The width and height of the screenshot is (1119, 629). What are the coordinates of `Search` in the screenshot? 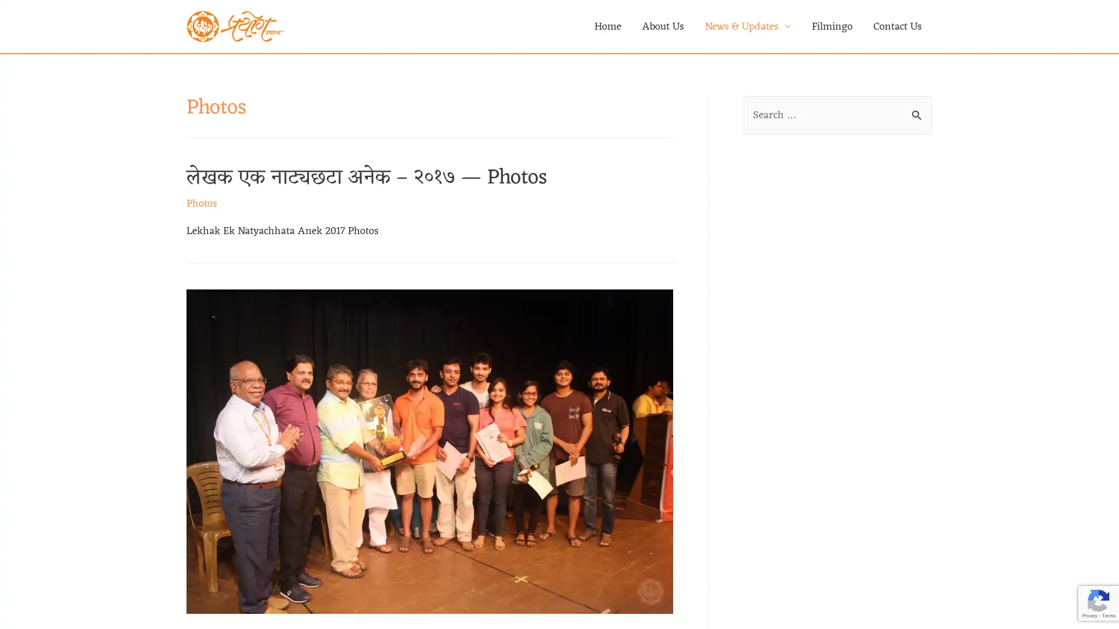 It's located at (918, 108).